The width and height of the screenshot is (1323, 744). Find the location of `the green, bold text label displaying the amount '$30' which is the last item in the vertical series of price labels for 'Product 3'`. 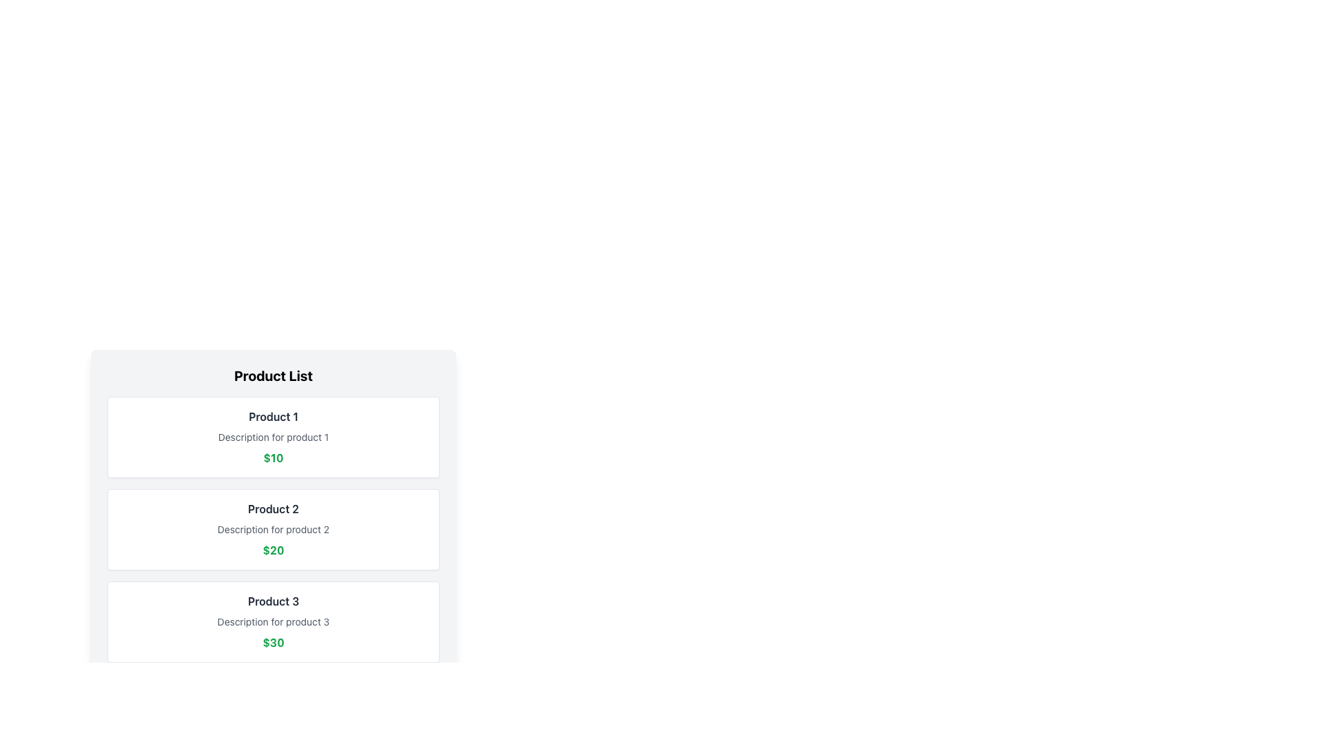

the green, bold text label displaying the amount '$30' which is the last item in the vertical series of price labels for 'Product 3' is located at coordinates (274, 643).